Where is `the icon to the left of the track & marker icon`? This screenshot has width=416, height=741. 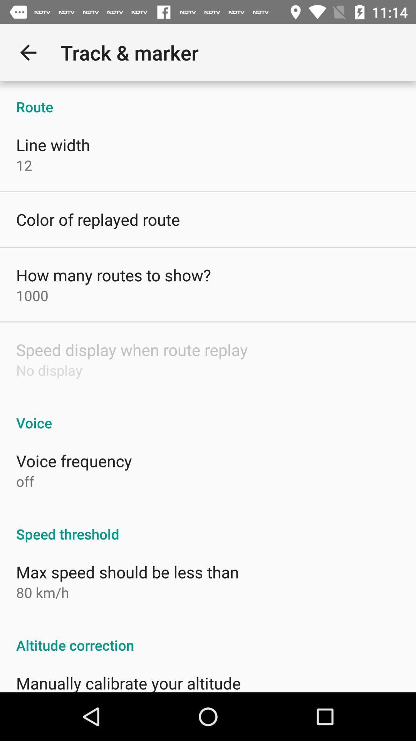 the icon to the left of the track & marker icon is located at coordinates (28, 52).